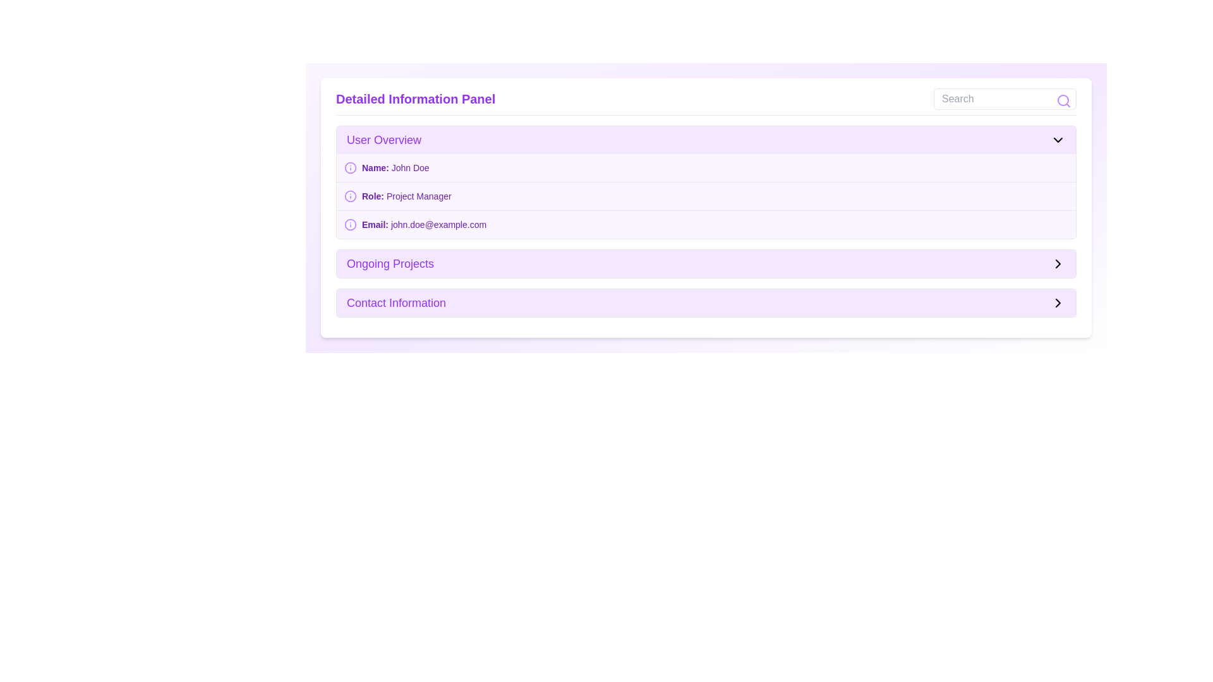 The width and height of the screenshot is (1213, 682). What do you see at coordinates (1058, 263) in the screenshot?
I see `the chevron right SVG icon next to the 'Ongoing Projects' section` at bounding box center [1058, 263].